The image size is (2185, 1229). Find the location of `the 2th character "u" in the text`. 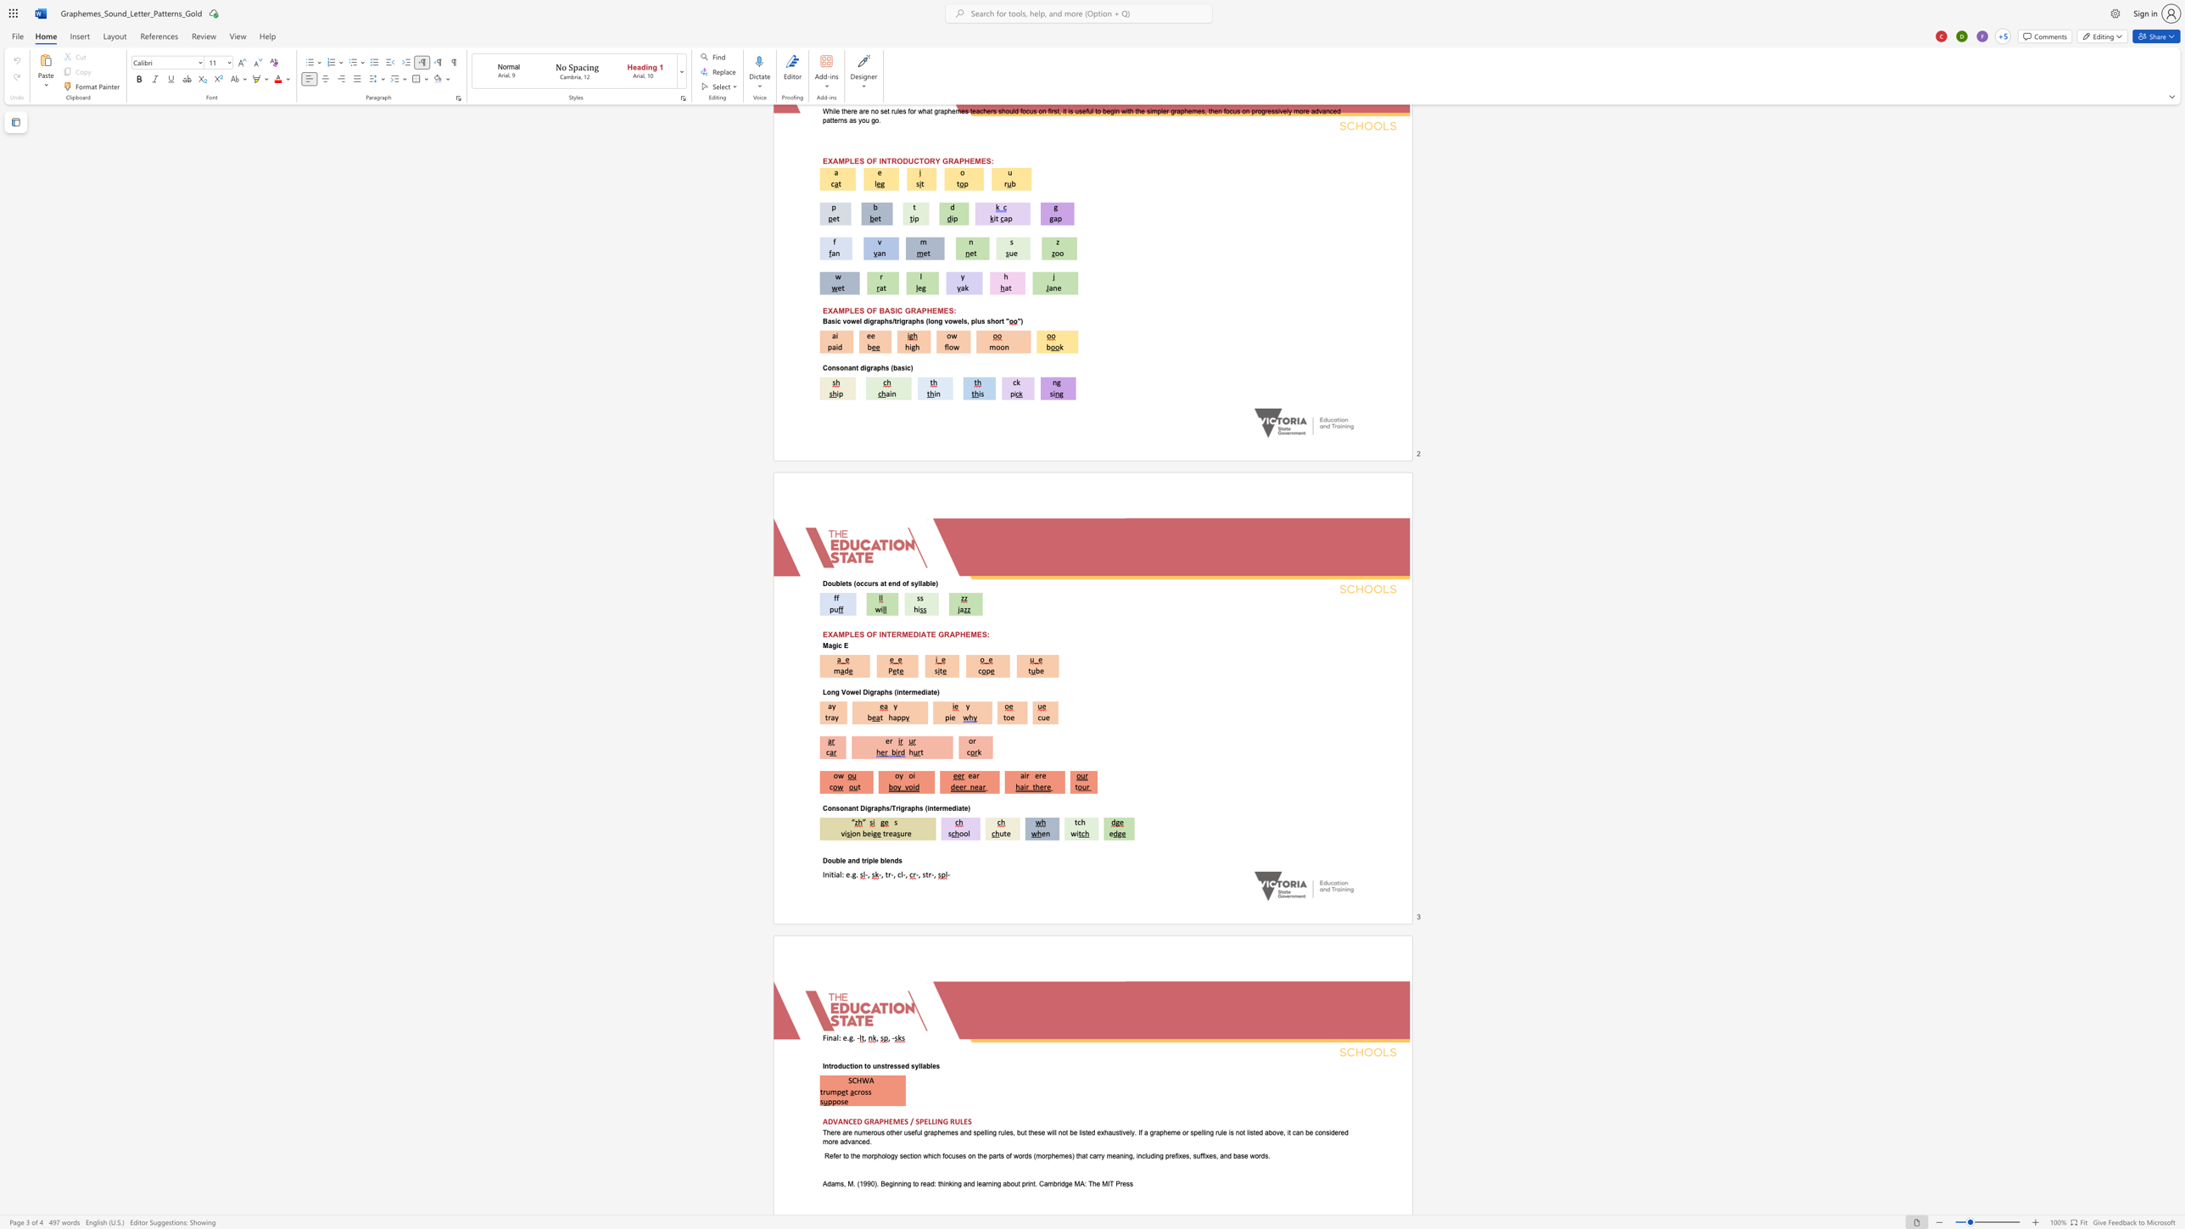

the 2th character "u" in the text is located at coordinates (874, 1066).